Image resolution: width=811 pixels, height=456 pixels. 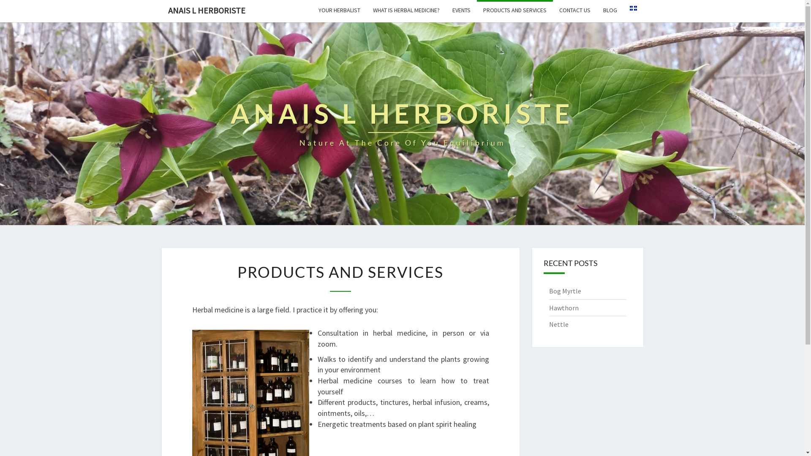 What do you see at coordinates (406, 10) in the screenshot?
I see `'WHAT IS HERBAL MEDICINE?'` at bounding box center [406, 10].